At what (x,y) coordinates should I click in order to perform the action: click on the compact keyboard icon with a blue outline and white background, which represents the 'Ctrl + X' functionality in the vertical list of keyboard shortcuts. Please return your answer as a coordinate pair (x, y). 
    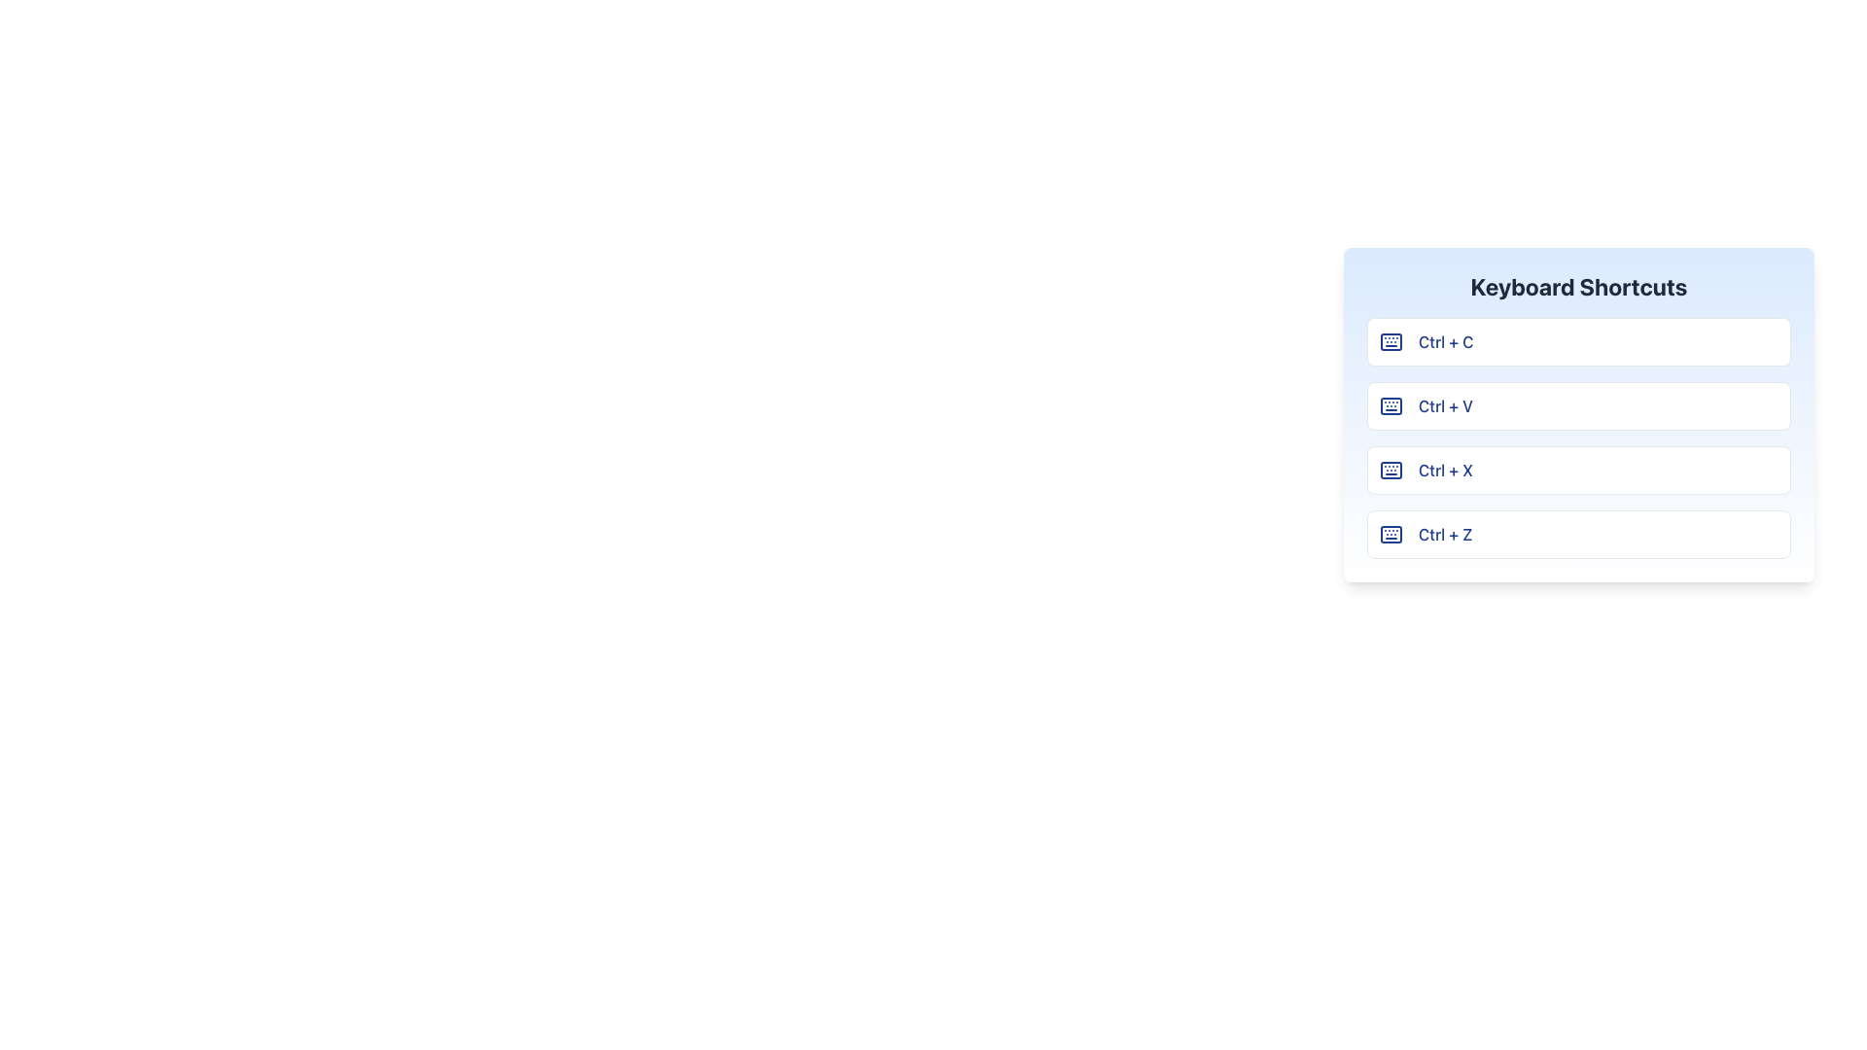
    Looking at the image, I should click on (1390, 470).